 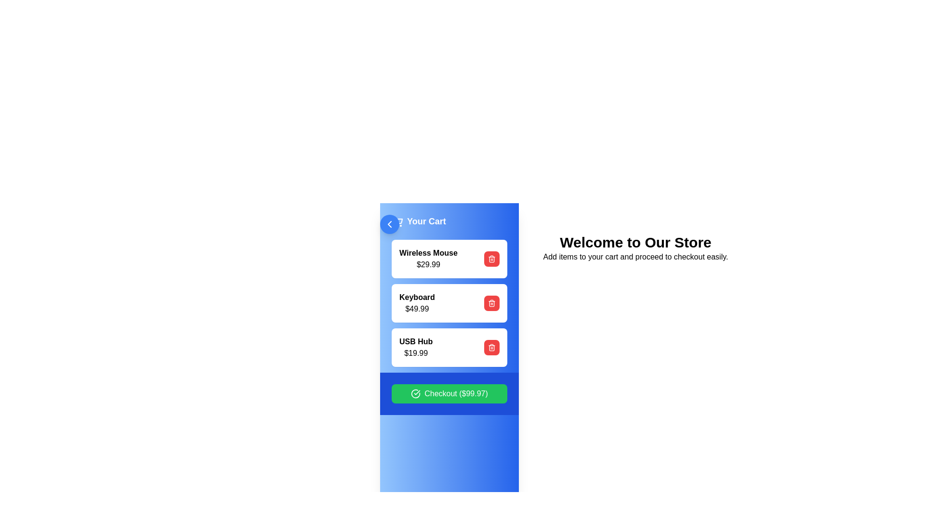 I want to click on the delete button located on the right side of the 'USB Hub $19.99' item in the cart panel, so click(x=492, y=347).